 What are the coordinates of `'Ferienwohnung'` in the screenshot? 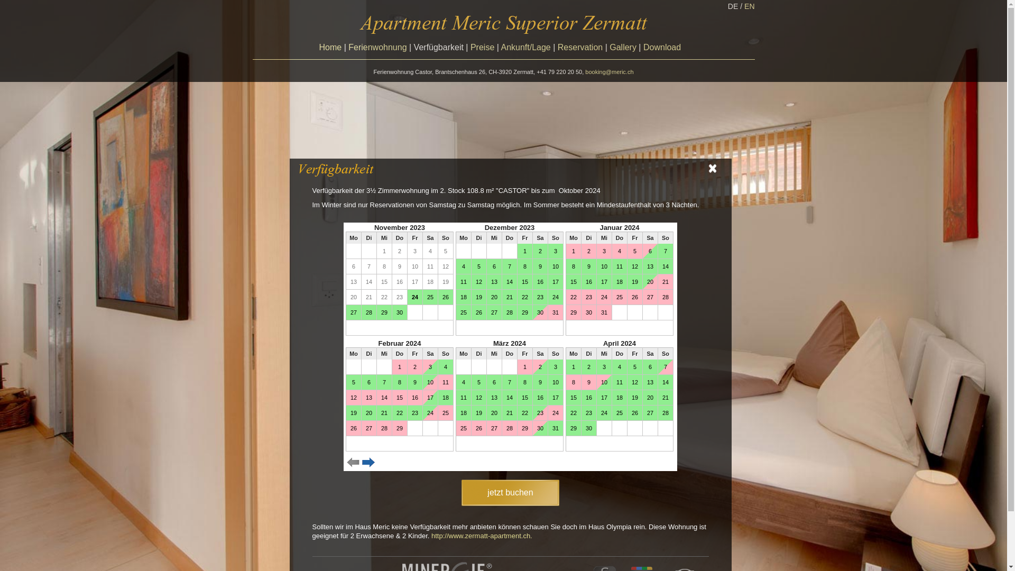 It's located at (377, 47).